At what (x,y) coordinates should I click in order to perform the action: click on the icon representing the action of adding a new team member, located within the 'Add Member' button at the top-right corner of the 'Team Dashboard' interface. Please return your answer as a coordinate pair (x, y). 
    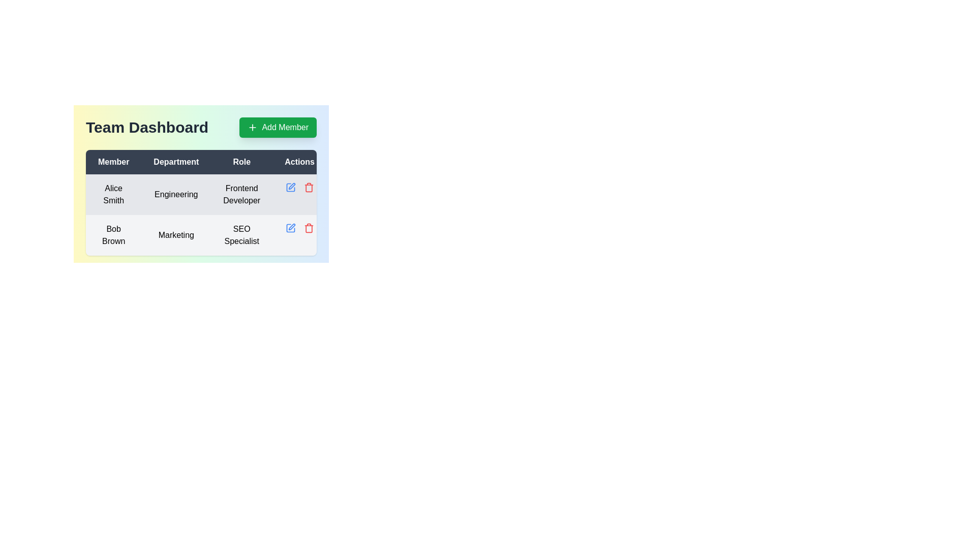
    Looking at the image, I should click on (253, 127).